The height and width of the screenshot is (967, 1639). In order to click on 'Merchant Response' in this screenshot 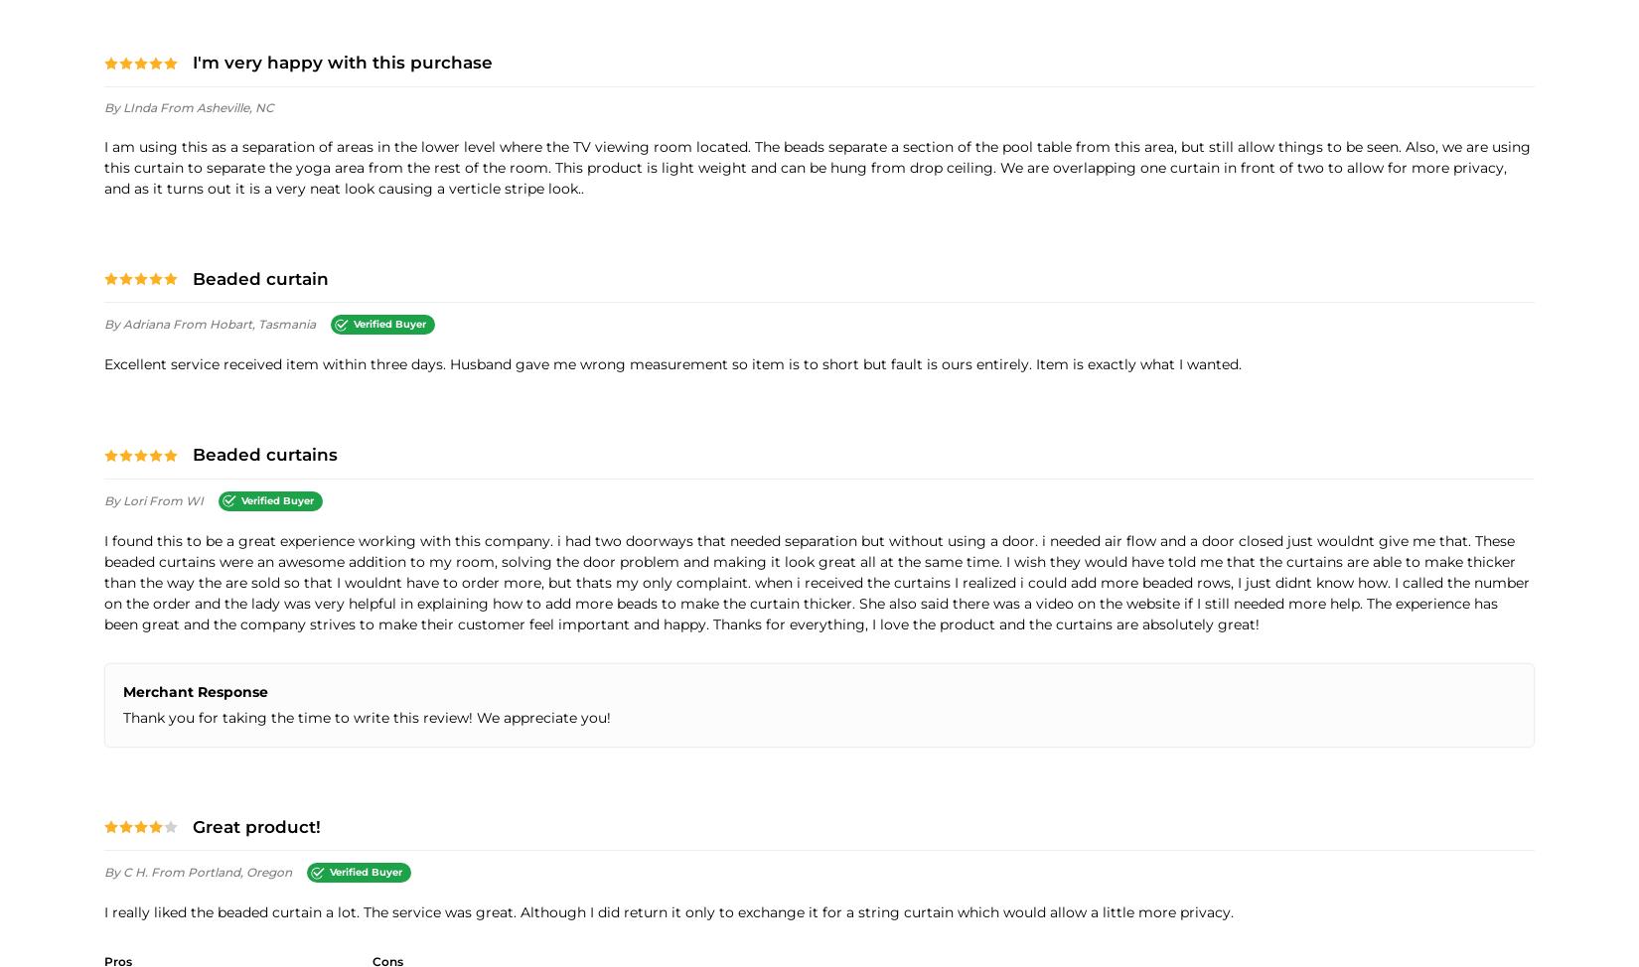, I will do `click(196, 691)`.